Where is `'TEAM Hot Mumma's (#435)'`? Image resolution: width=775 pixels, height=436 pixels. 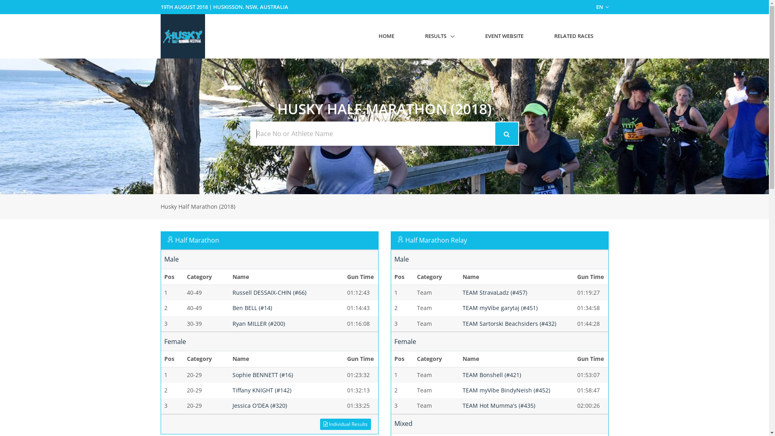 'TEAM Hot Mumma's (#435)' is located at coordinates (499, 405).